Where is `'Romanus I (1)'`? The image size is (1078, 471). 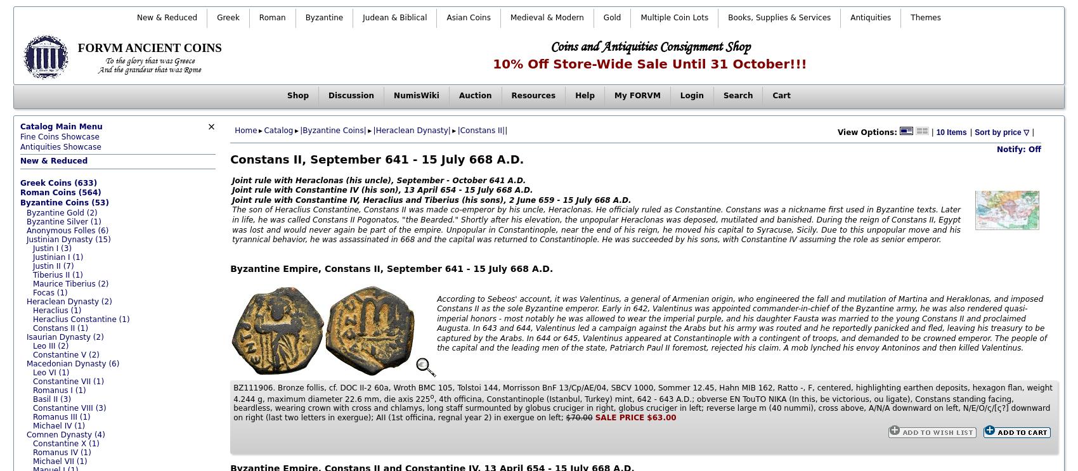 'Romanus I (1)' is located at coordinates (58, 389).